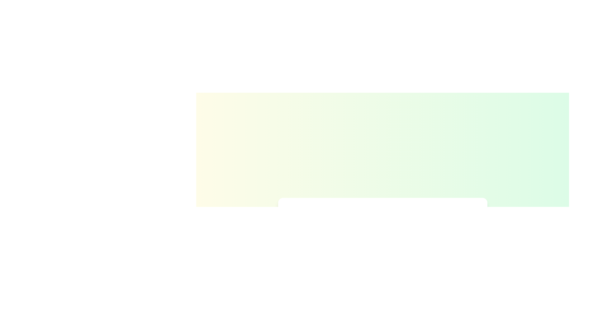  What do you see at coordinates (431, 237) in the screenshot?
I see `the slider thumb` at bounding box center [431, 237].